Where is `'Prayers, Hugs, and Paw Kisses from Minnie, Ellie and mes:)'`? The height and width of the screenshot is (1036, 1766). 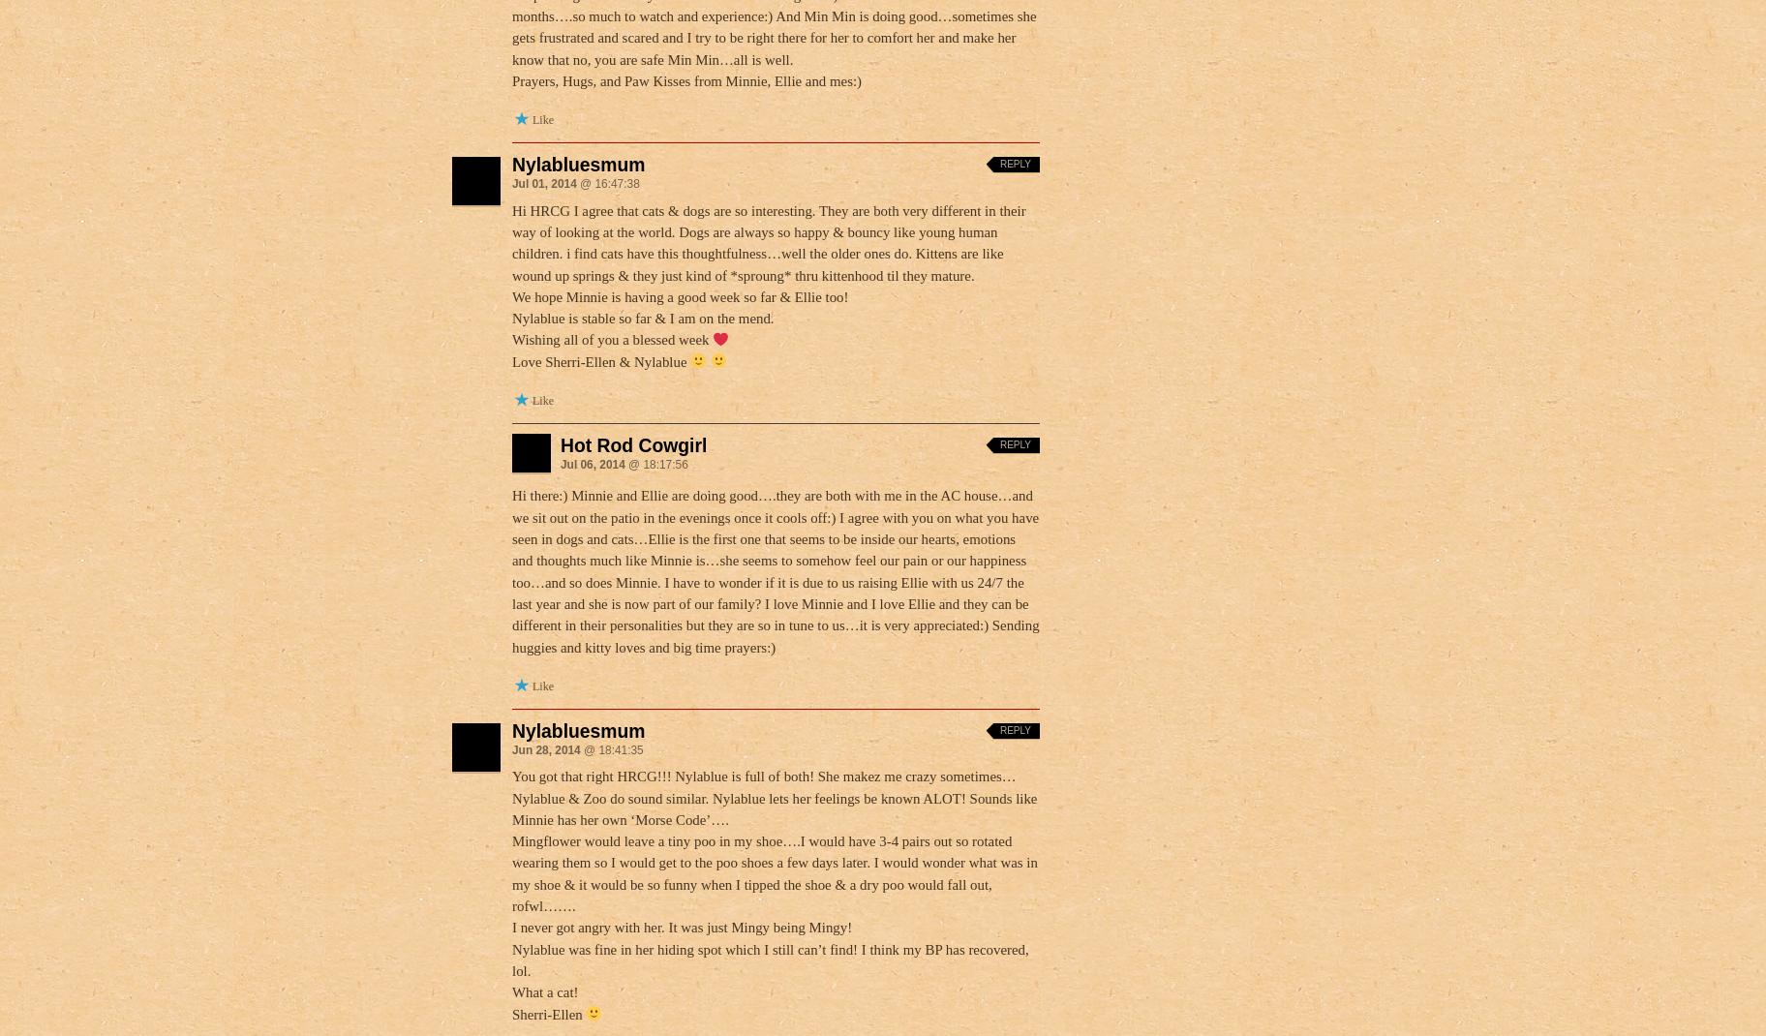
'Prayers, Hugs, and Paw Kisses from Minnie, Ellie and mes:)' is located at coordinates (510, 79).